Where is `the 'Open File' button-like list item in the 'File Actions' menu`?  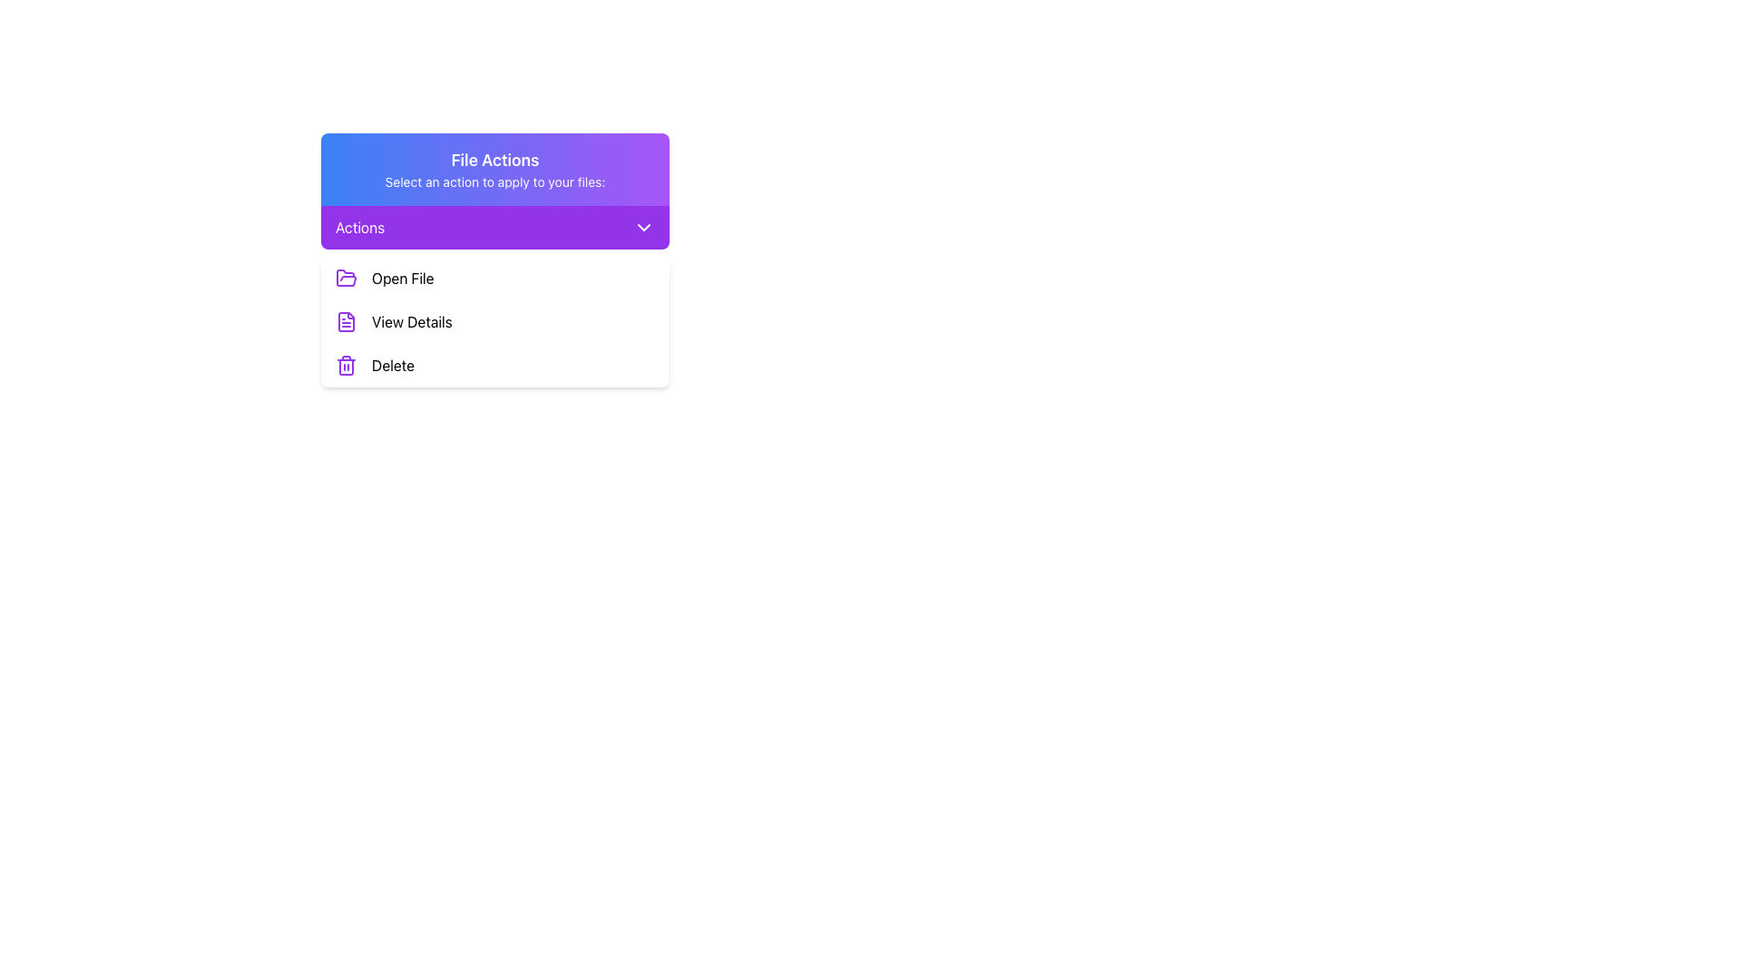 the 'Open File' button-like list item in the 'File Actions' menu is located at coordinates (495, 279).